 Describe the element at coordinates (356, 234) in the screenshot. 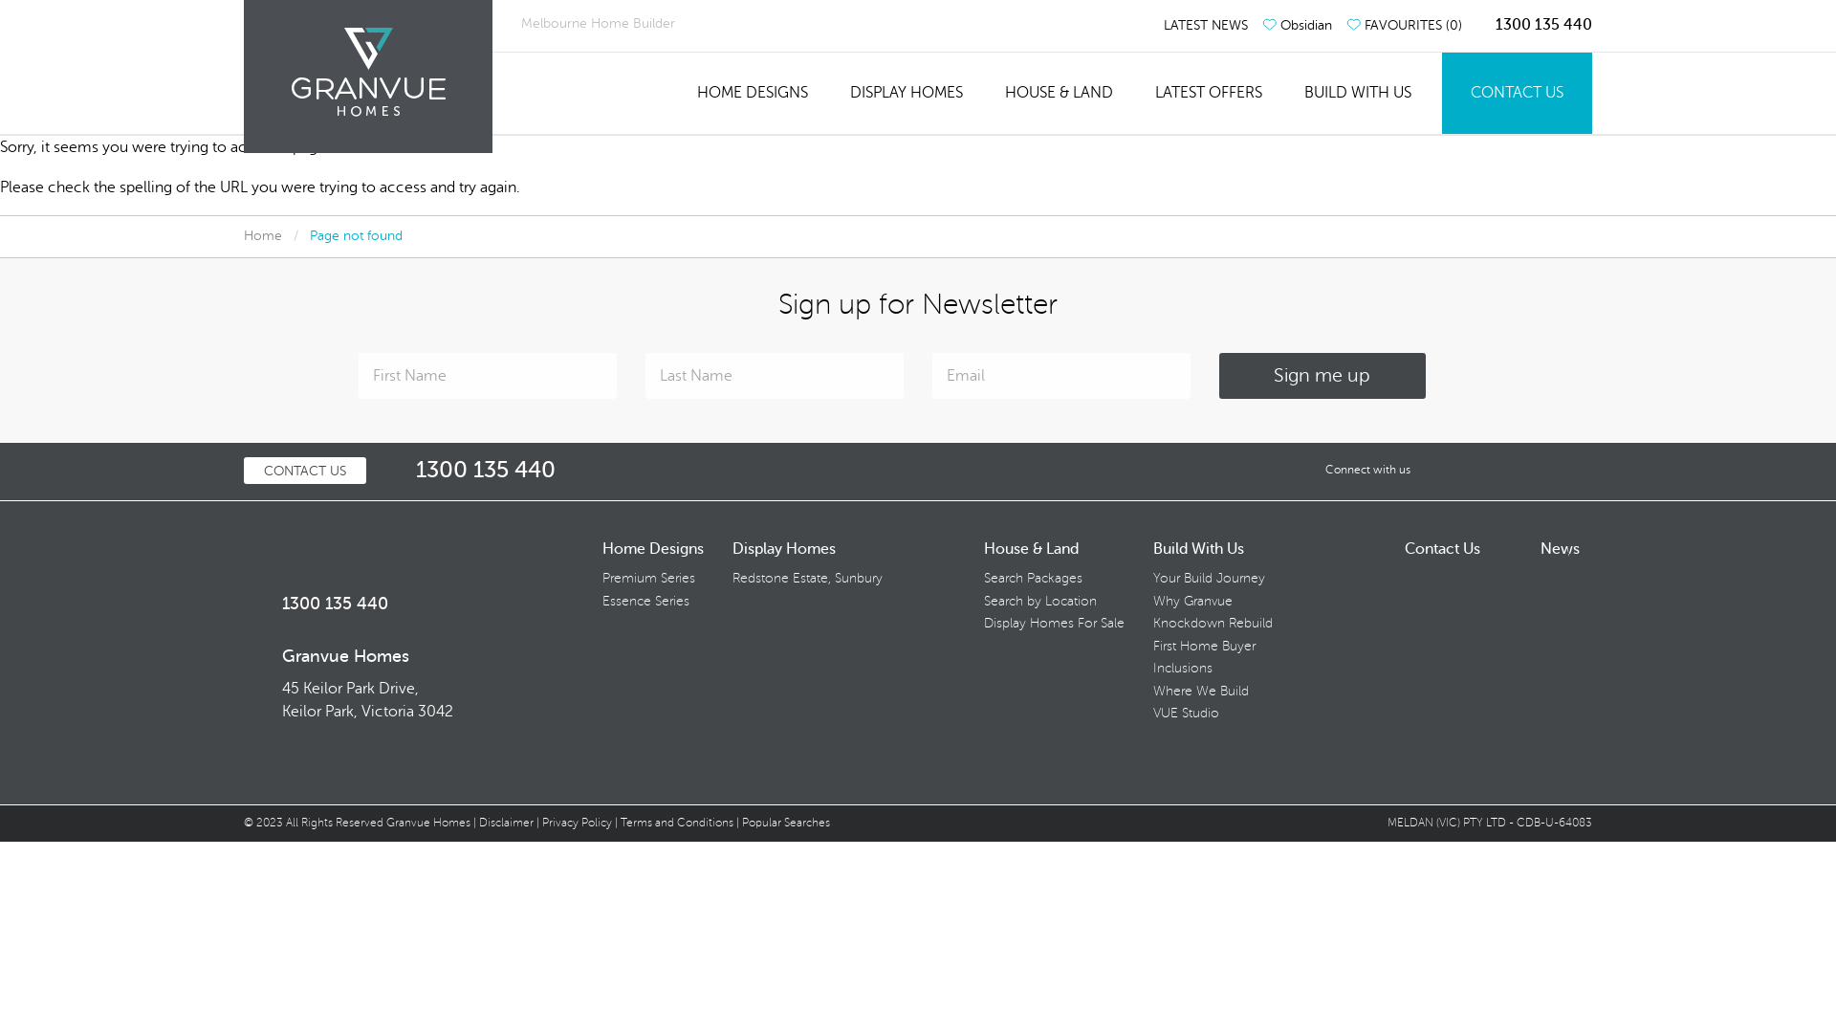

I see `'Page not found'` at that location.